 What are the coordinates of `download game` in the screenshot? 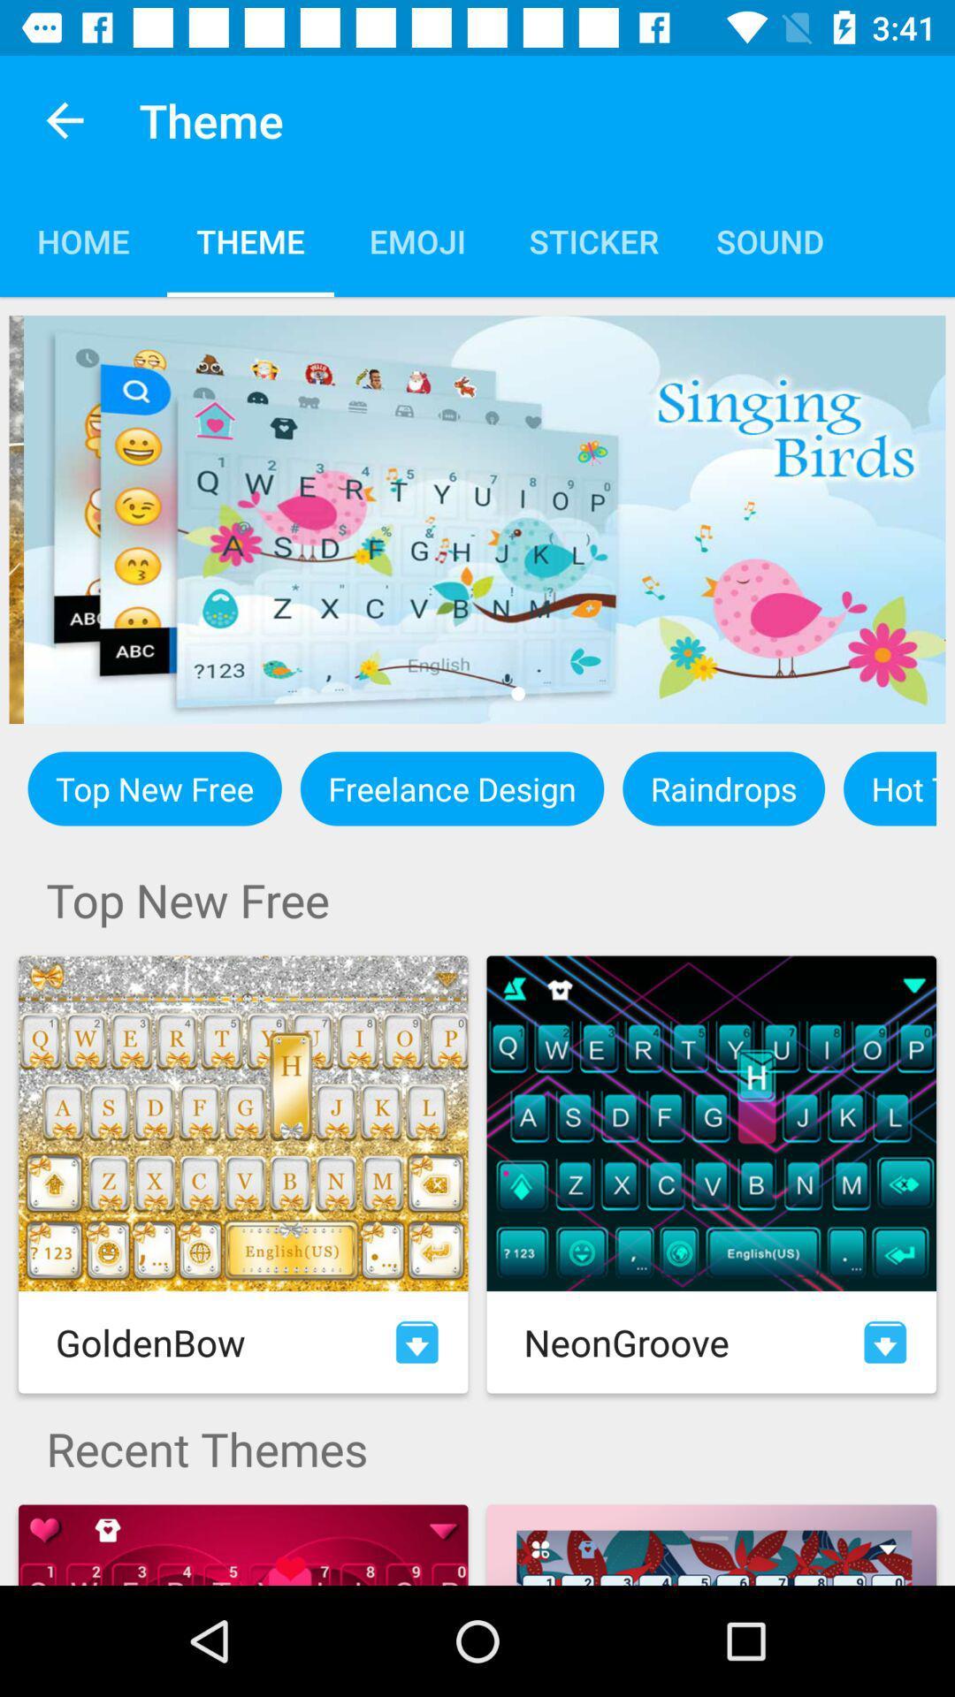 It's located at (885, 1342).